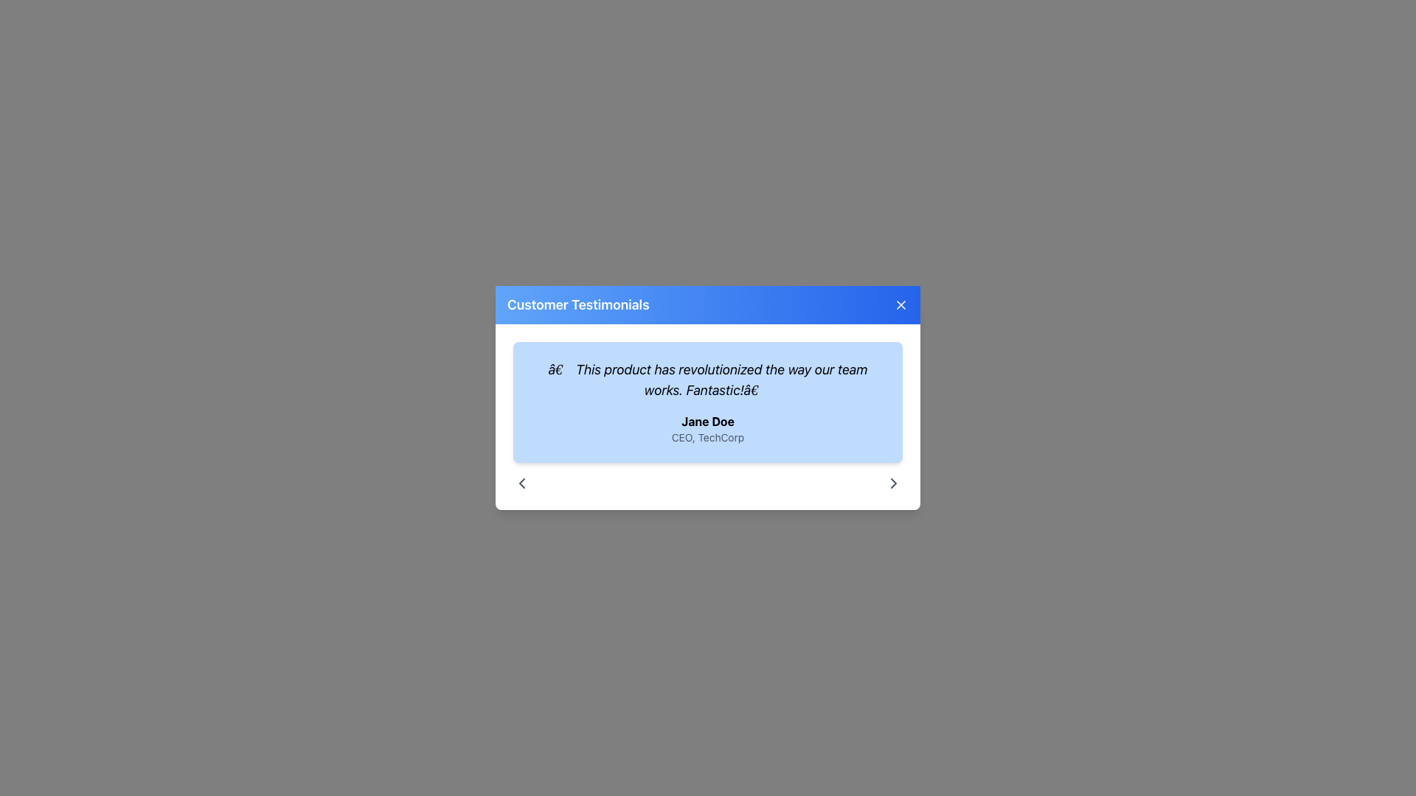  I want to click on the Text label that describes the designation (CEO) and affiliation (TechCorp) of the individual 'Jane Doe', which is centered within a blue box of a testimonial card, so click(708, 437).